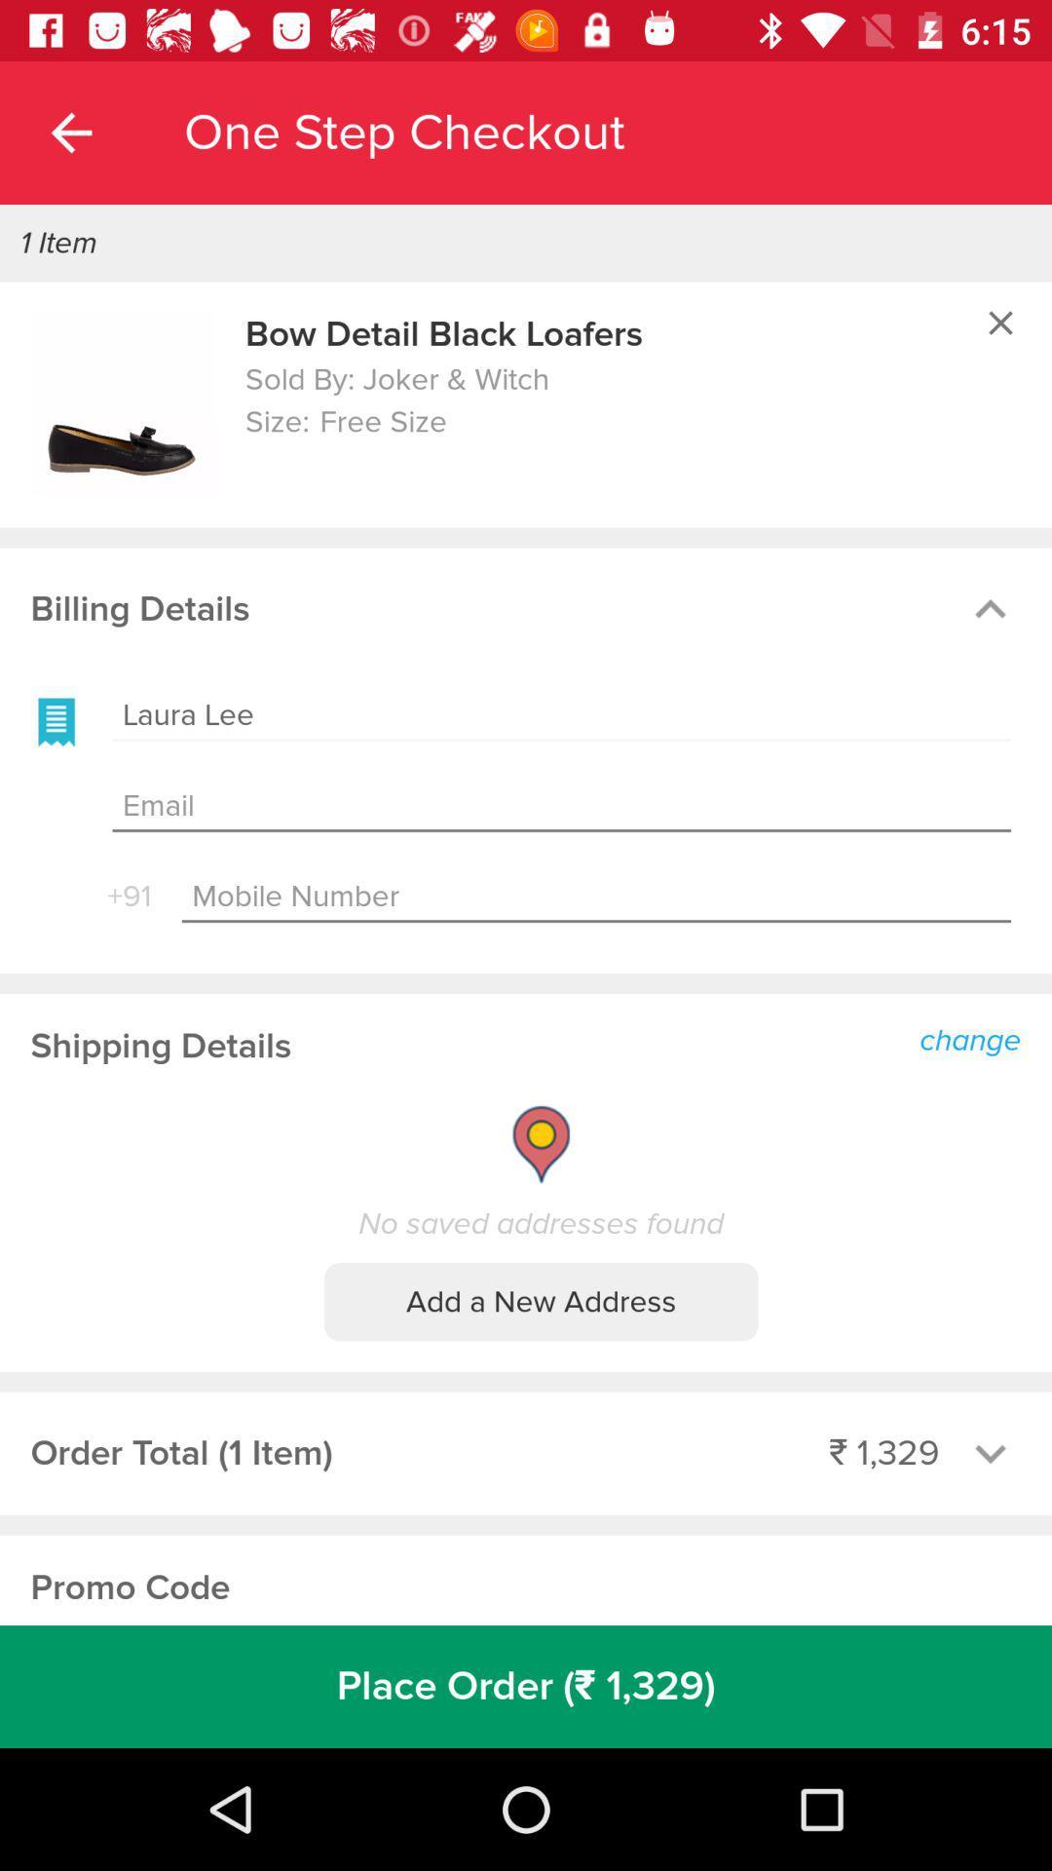 The image size is (1052, 1871). I want to click on mobile number, so click(595, 897).